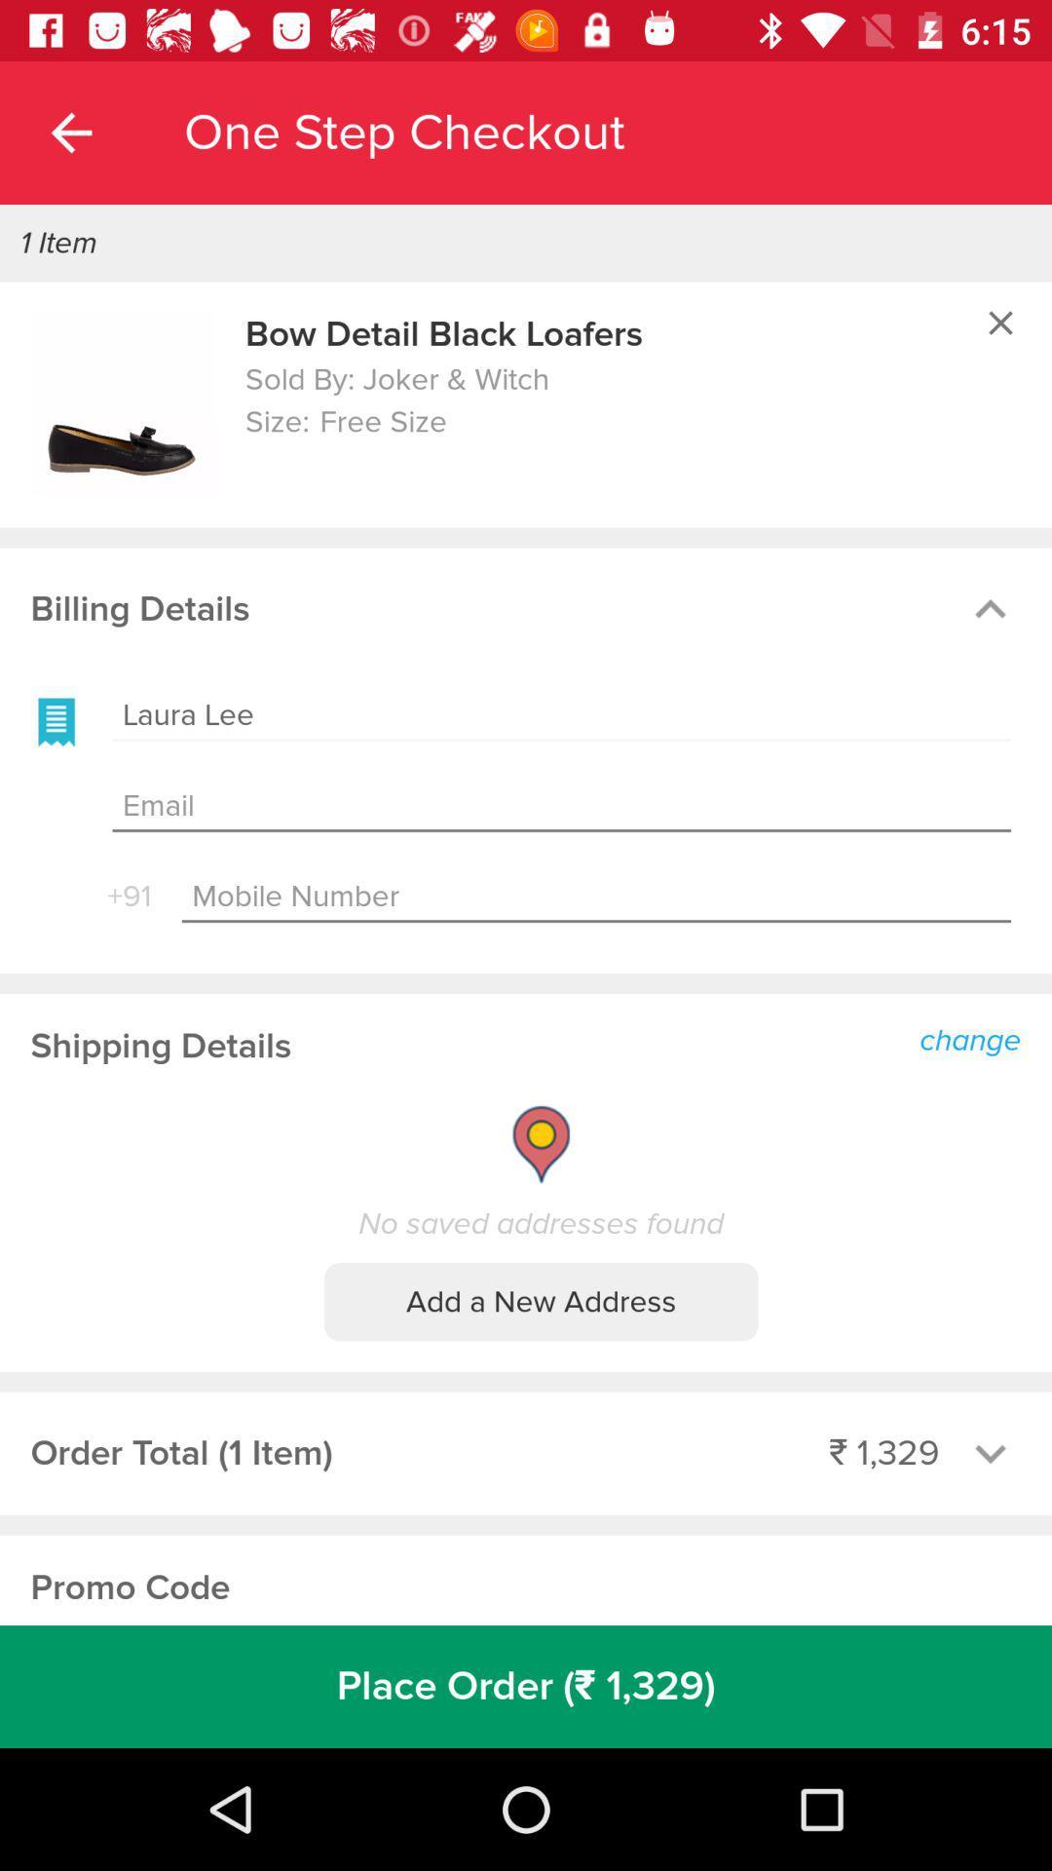 The image size is (1052, 1871). I want to click on mobile number, so click(595, 897).